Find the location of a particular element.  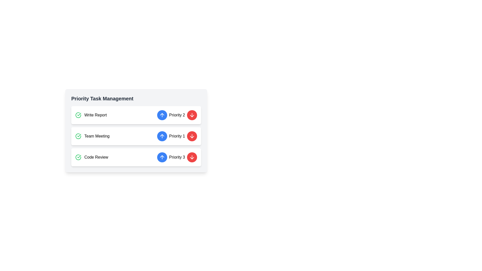

the 'Team Meeting' text label, which is styled with medium font weight and is centrally aligned in a card labeled 'Priority Task Management' is located at coordinates (97, 136).